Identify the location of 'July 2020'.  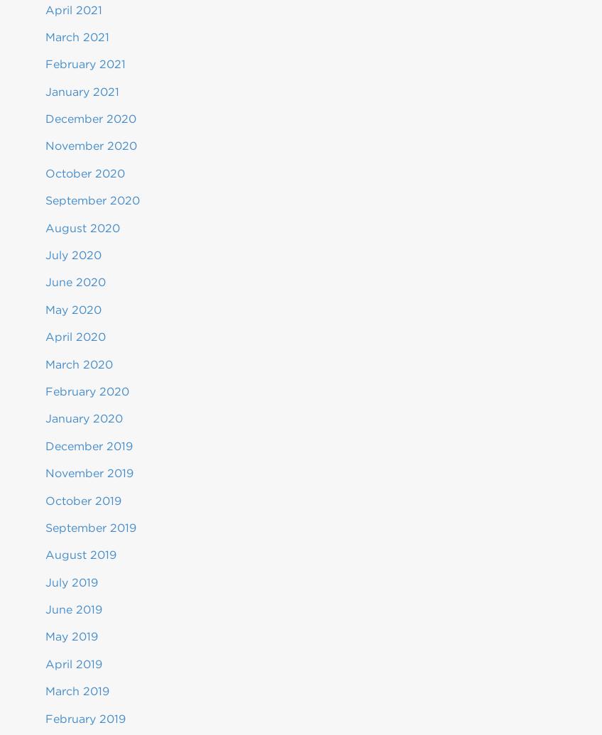
(73, 255).